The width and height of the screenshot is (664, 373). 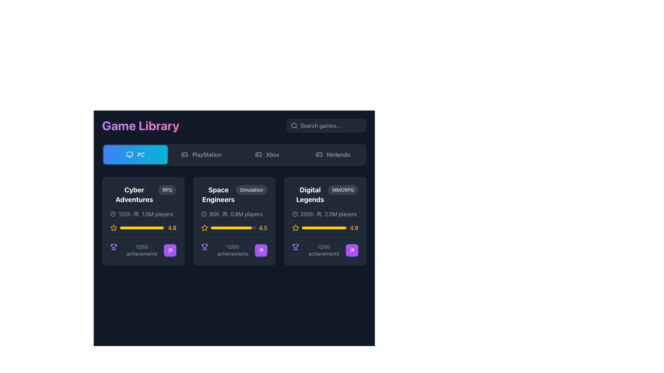 What do you see at coordinates (233, 250) in the screenshot?
I see `the static text display that shows the player's progress in achievements for the game 'Space Engineers', located at the bottom center of the card in the second column of the game library grid` at bounding box center [233, 250].